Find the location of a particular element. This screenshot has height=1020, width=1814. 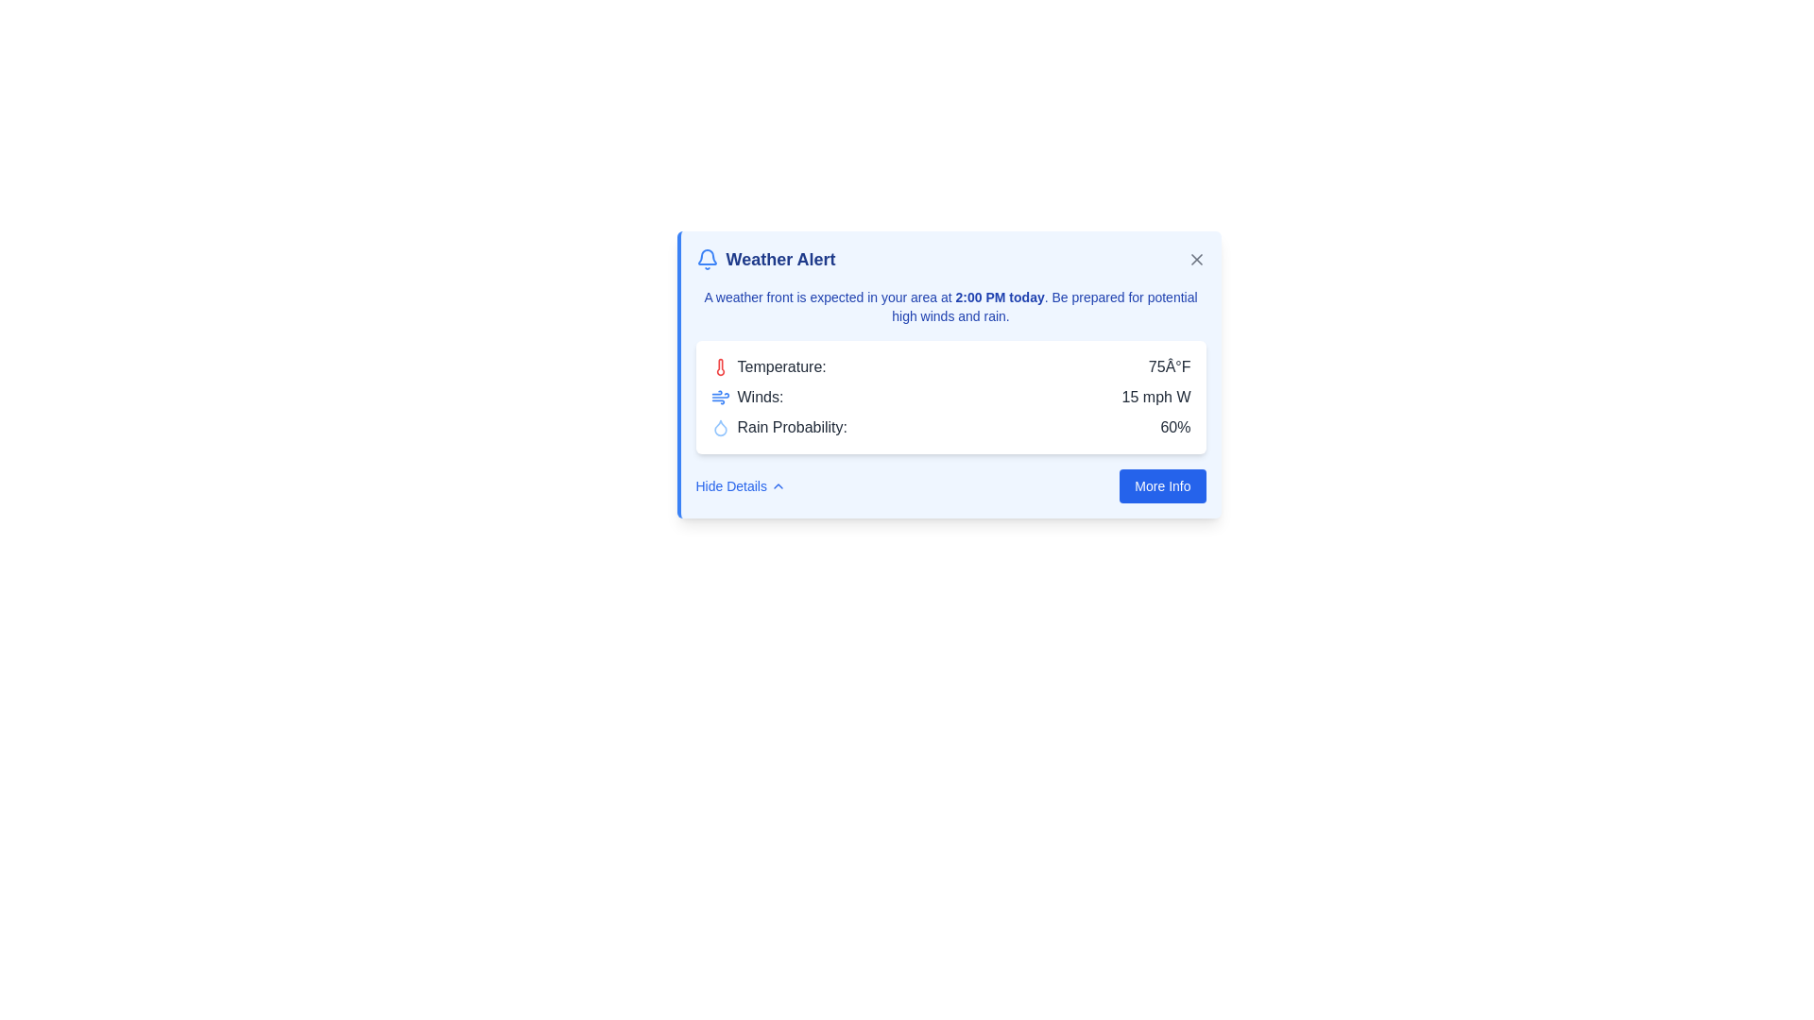

the hyperlink with an icon that toggles additional details to underline the text before the 'More Info' button is located at coordinates (740, 485).